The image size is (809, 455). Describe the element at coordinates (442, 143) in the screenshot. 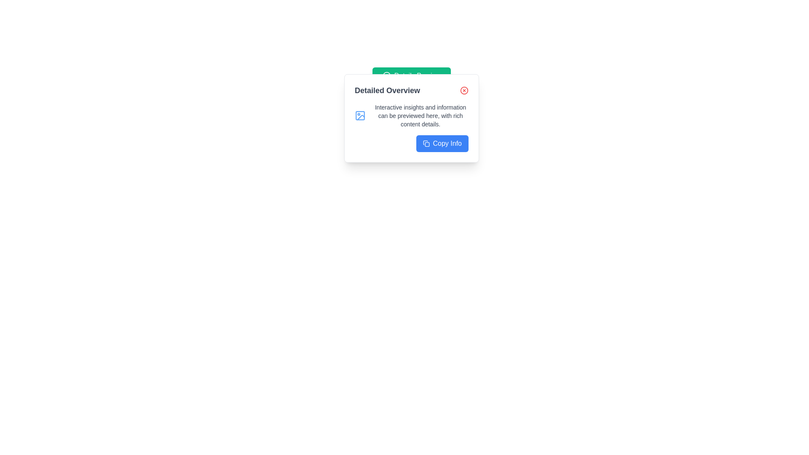

I see `the 'Copy Info' button with a blue background and a clipboard icon` at that location.